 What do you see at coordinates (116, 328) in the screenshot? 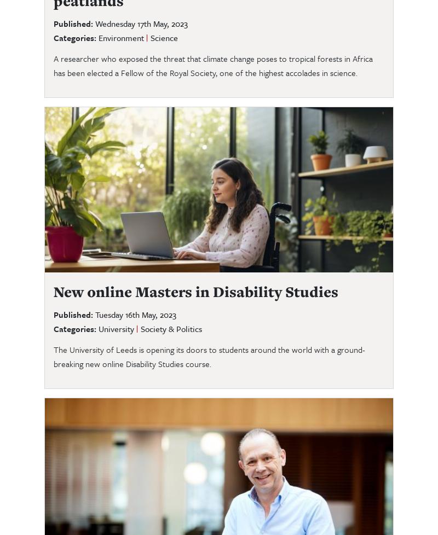
I see `'University'` at bounding box center [116, 328].